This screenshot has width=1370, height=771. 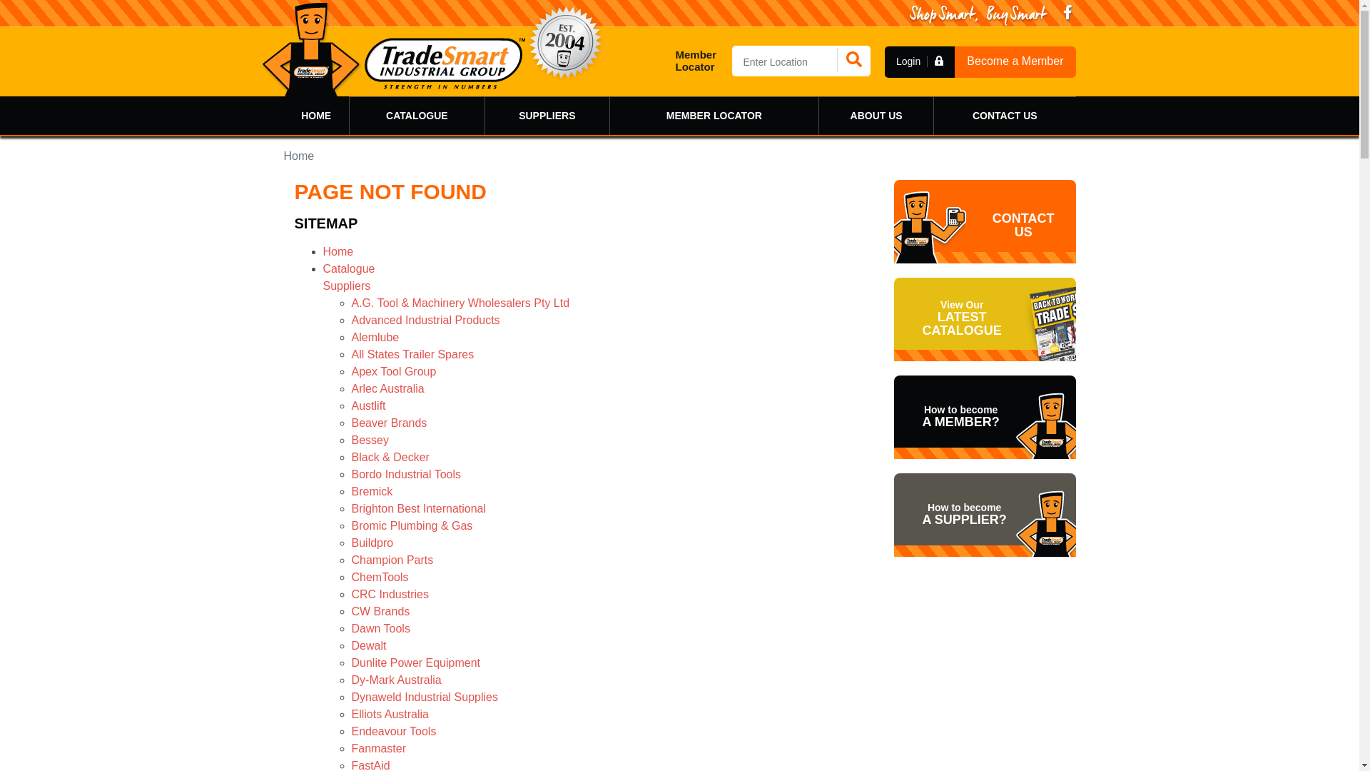 What do you see at coordinates (983, 221) in the screenshot?
I see `'CONTACT` at bounding box center [983, 221].